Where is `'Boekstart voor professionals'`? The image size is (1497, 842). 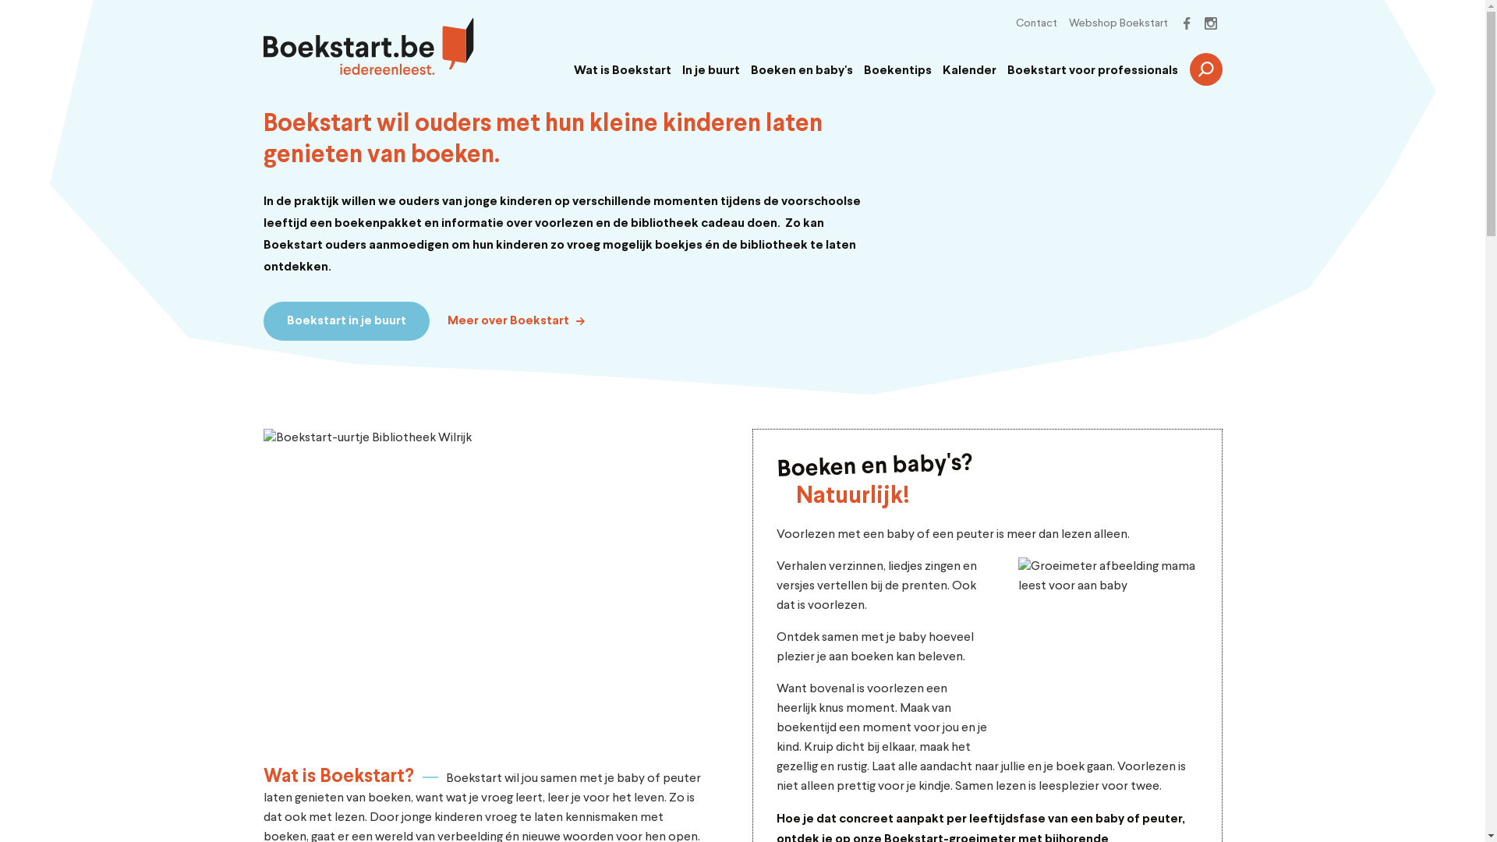
'Boekstart voor professionals' is located at coordinates (1092, 71).